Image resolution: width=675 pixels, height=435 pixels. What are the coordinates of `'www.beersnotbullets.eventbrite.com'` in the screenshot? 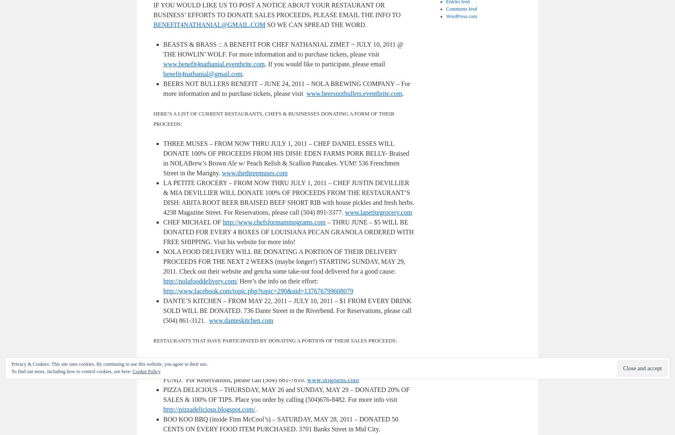 It's located at (354, 93).